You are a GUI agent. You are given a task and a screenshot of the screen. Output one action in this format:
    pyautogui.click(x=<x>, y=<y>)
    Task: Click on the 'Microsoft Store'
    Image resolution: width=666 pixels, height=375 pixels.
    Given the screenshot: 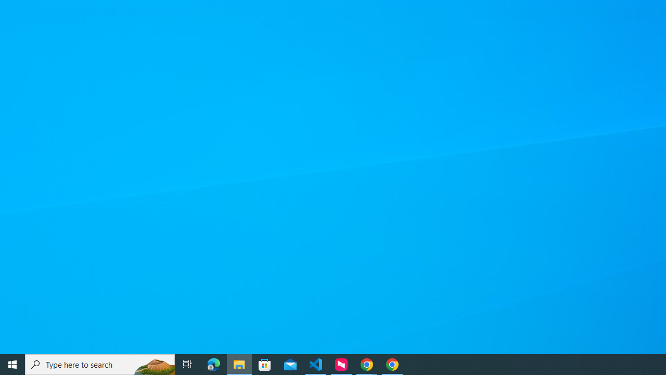 What is the action you would take?
    pyautogui.click(x=265, y=364)
    